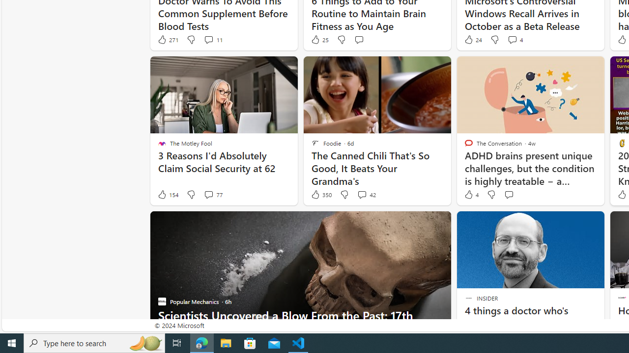 This screenshot has height=353, width=629. Describe the element at coordinates (366, 195) in the screenshot. I see `'View comments 42 Comment'` at that location.